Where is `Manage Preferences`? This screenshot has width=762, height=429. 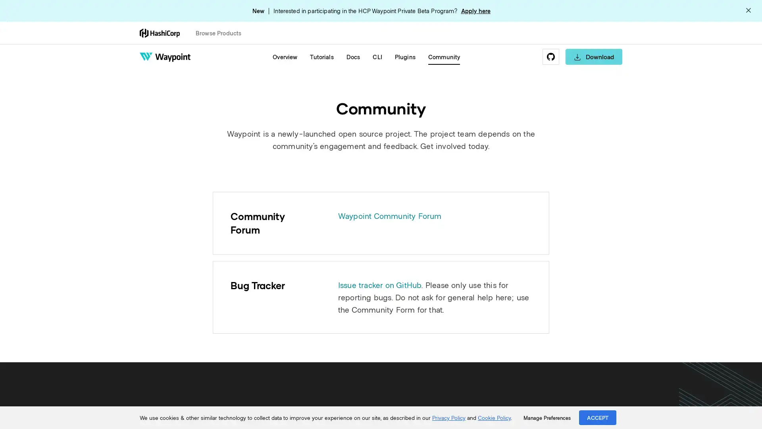
Manage Preferences is located at coordinates (546, 417).